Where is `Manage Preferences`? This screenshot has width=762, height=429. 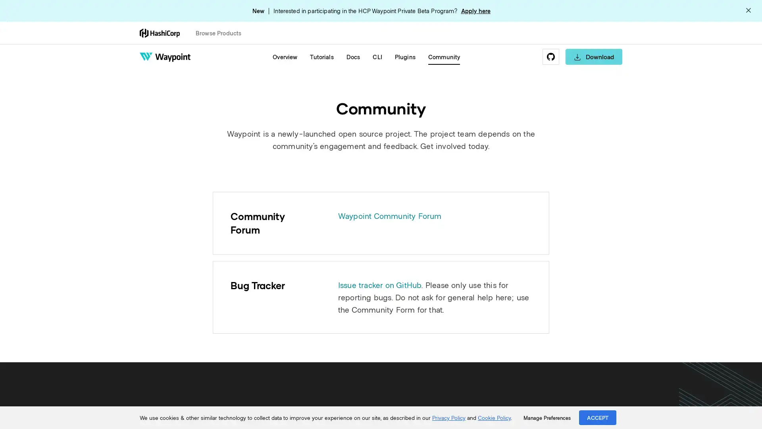
Manage Preferences is located at coordinates (546, 417).